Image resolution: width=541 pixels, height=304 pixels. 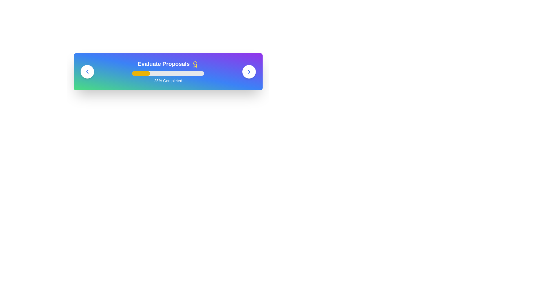 What do you see at coordinates (168, 64) in the screenshot?
I see `the text label located at the top center of the card-like structure, which serves as a descriptive title for the content below it` at bounding box center [168, 64].